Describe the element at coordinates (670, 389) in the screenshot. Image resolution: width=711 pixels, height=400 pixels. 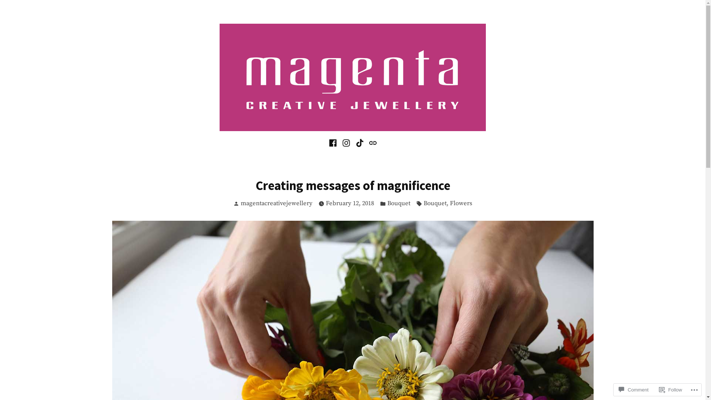
I see `'Follow'` at that location.